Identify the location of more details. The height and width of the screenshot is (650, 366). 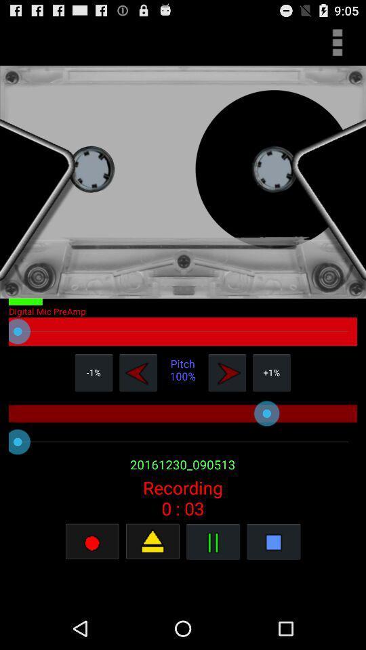
(336, 42).